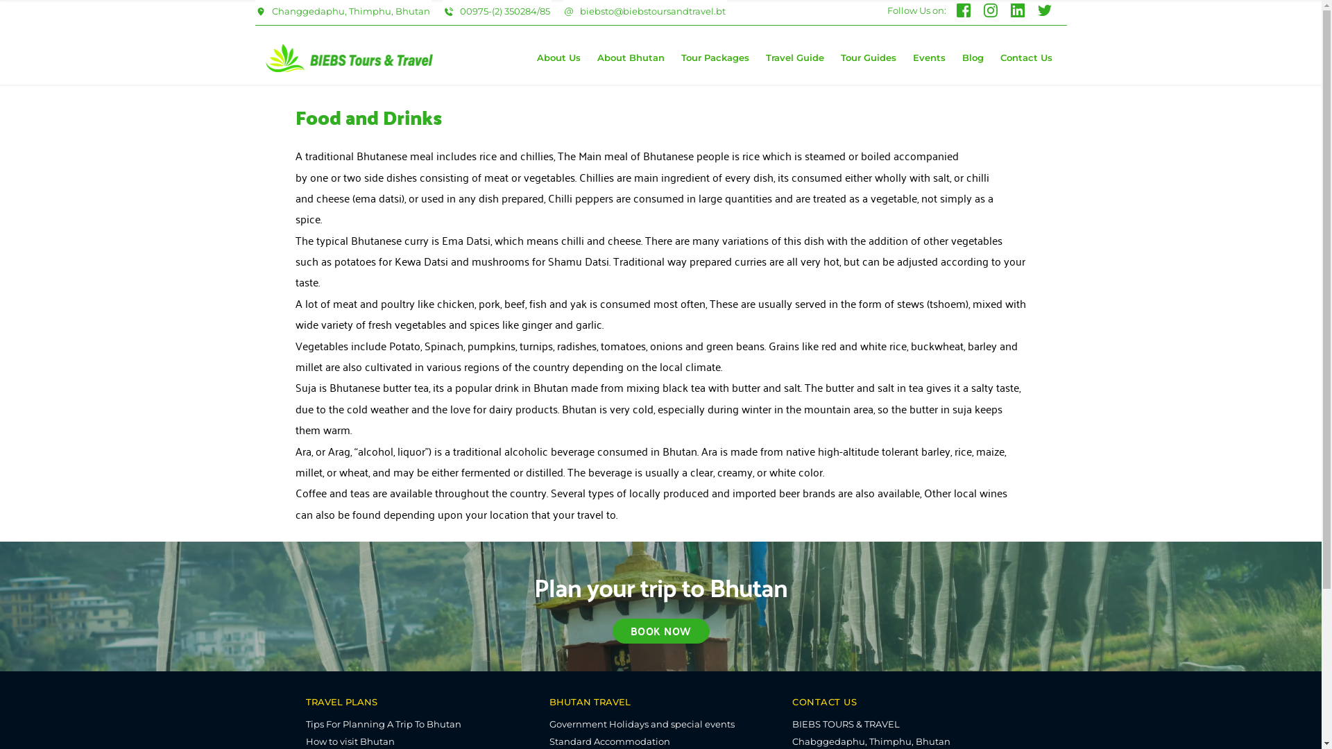 This screenshot has height=749, width=1332. Describe the element at coordinates (762, 57) in the screenshot. I see `'Travel Guide'` at that location.